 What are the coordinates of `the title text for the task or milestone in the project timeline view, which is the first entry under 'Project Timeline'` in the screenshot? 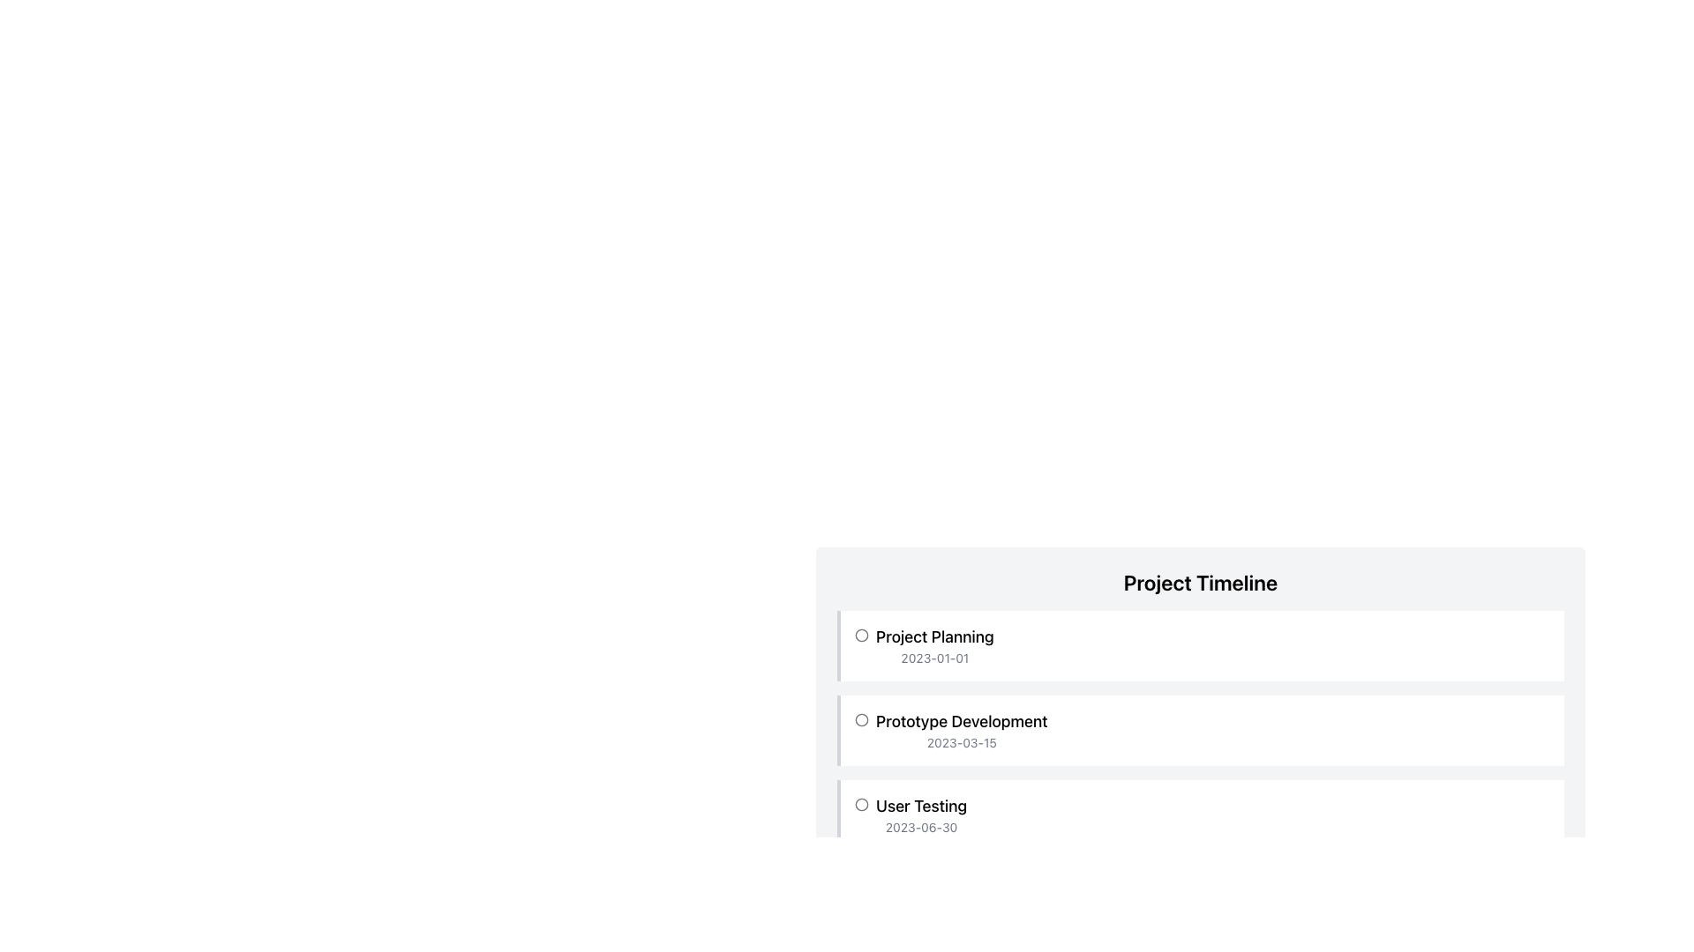 It's located at (933, 636).